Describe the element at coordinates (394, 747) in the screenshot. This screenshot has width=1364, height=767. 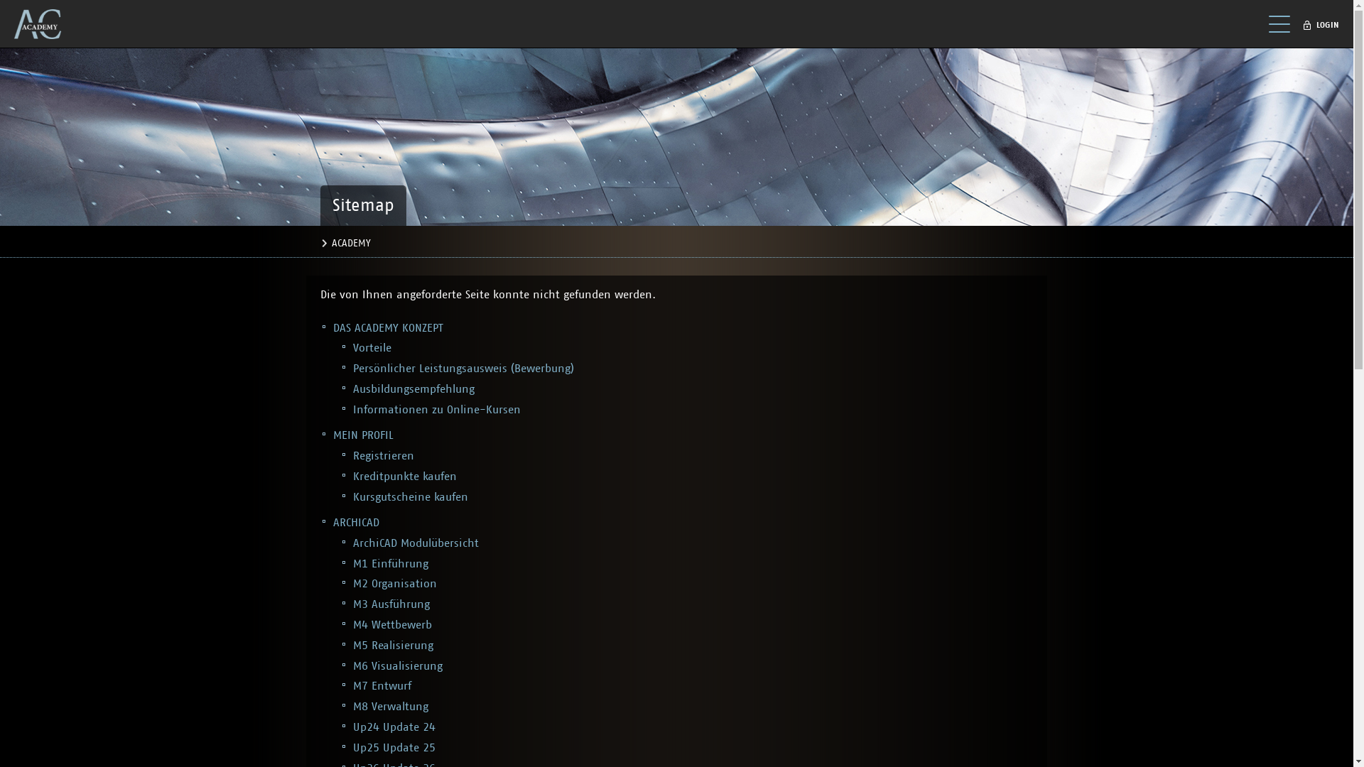
I see `'Up25 Update 25'` at that location.